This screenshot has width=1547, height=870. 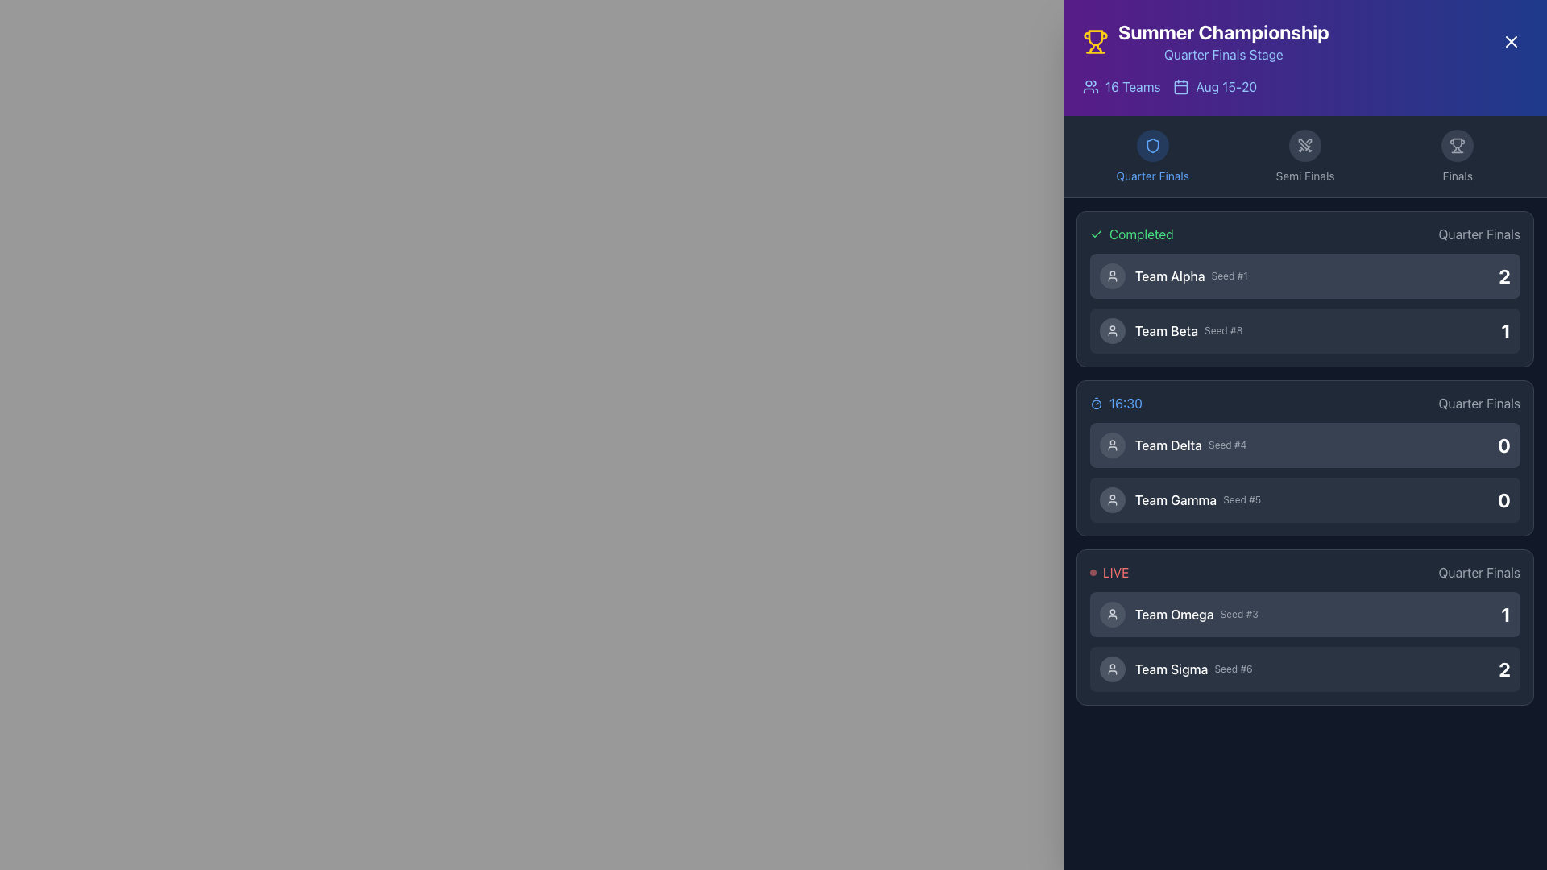 What do you see at coordinates (1112, 669) in the screenshot?
I see `the circular avatar icon representing 'Team Sigma' located to the left of the text 'Team Sigma Seed #6' in the 'LIVE' section` at bounding box center [1112, 669].